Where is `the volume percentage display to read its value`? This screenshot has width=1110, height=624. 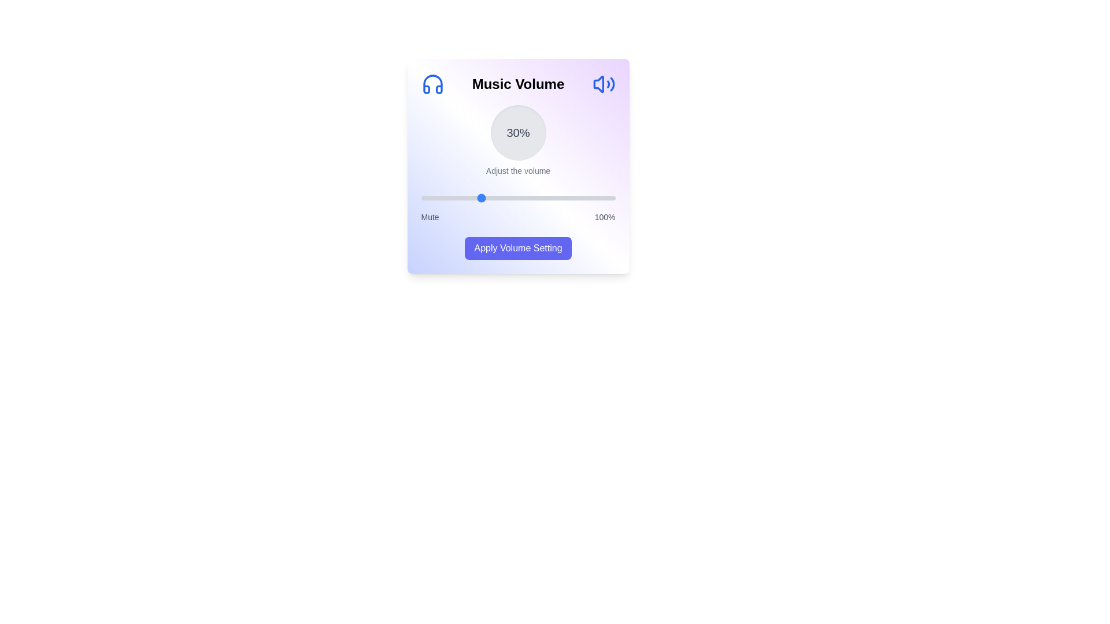
the volume percentage display to read its value is located at coordinates (517, 132).